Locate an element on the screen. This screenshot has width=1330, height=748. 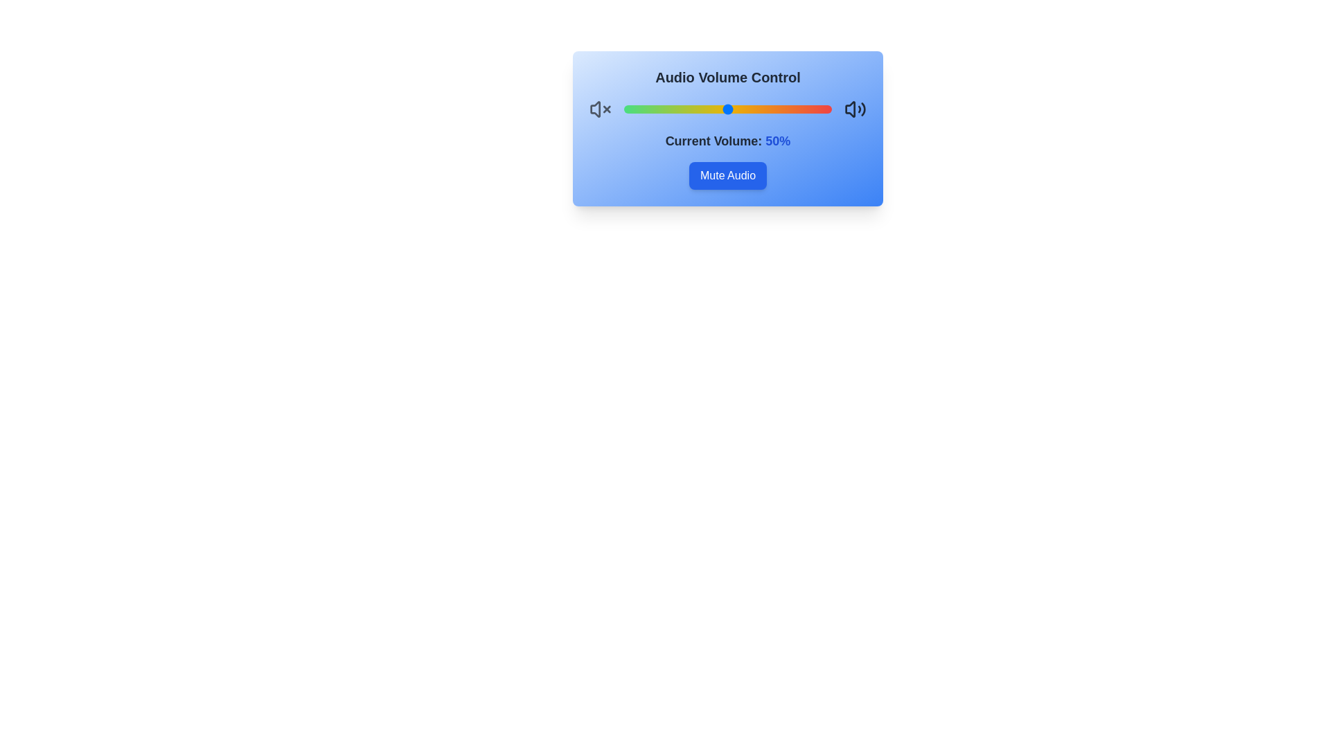
the volume to 56% is located at coordinates (740, 109).